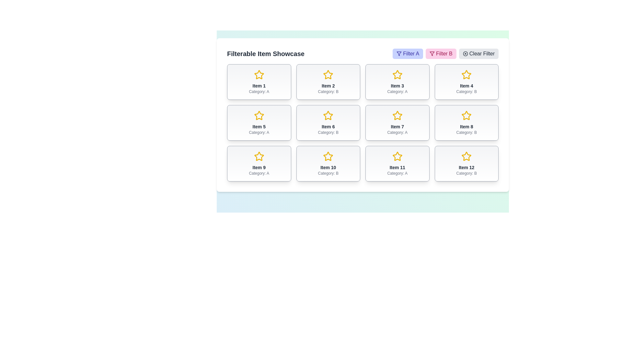 The height and width of the screenshot is (350, 622). What do you see at coordinates (259, 156) in the screenshot?
I see `the star SVG graphical element located in the lower left card labeled 'Item 9', which serves as a decorative or interactive rating representation` at bounding box center [259, 156].